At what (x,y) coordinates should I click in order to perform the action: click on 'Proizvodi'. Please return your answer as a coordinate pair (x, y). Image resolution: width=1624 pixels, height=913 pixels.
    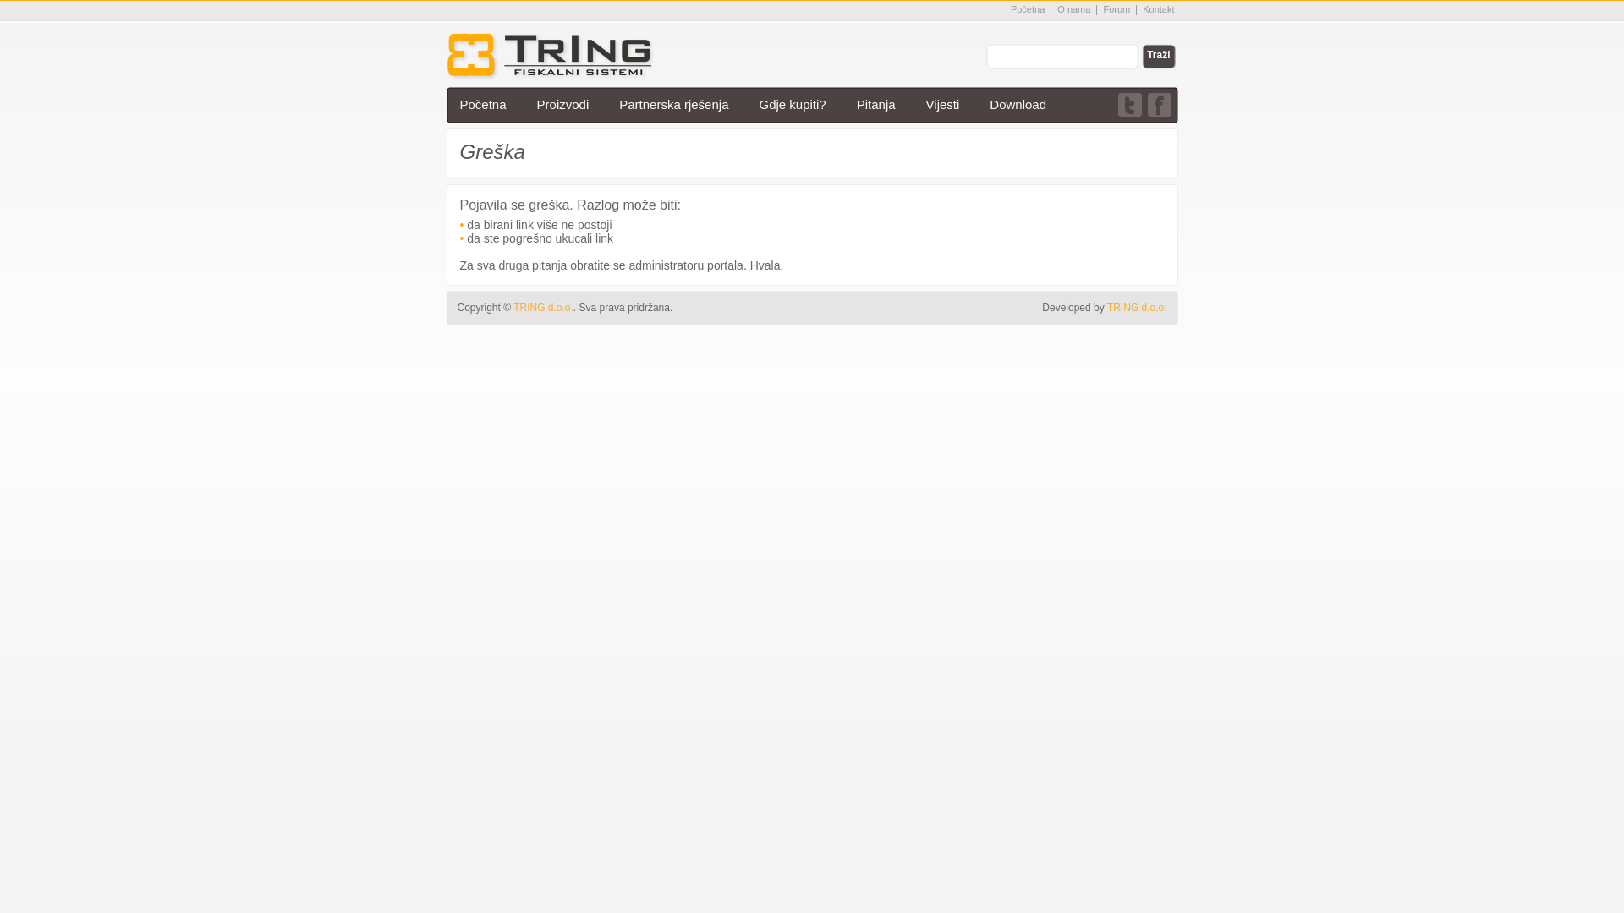
    Looking at the image, I should click on (563, 105).